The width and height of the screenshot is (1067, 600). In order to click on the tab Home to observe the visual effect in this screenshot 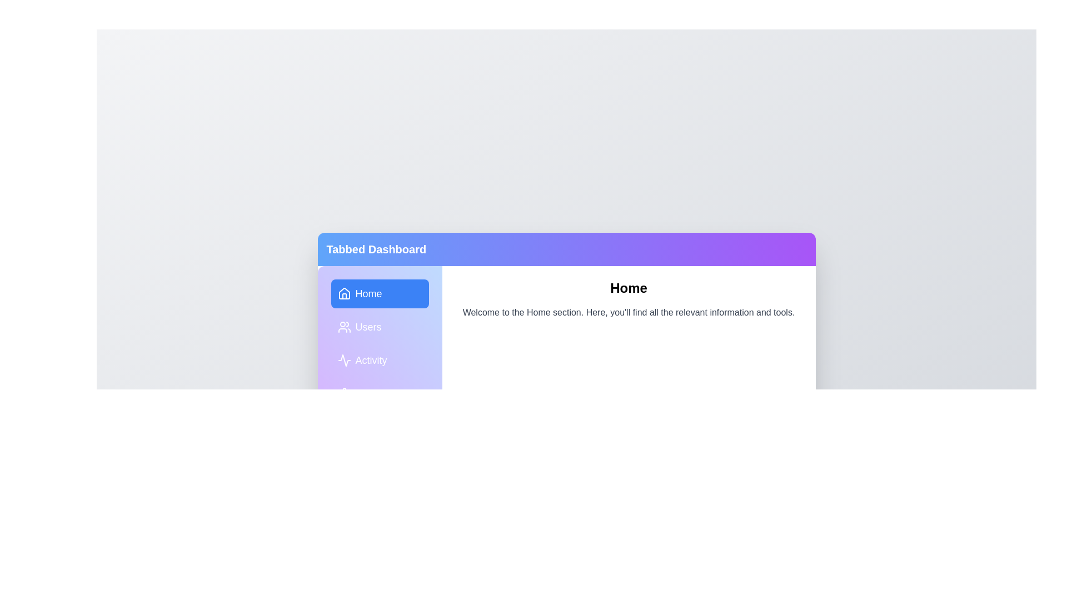, I will do `click(380, 293)`.